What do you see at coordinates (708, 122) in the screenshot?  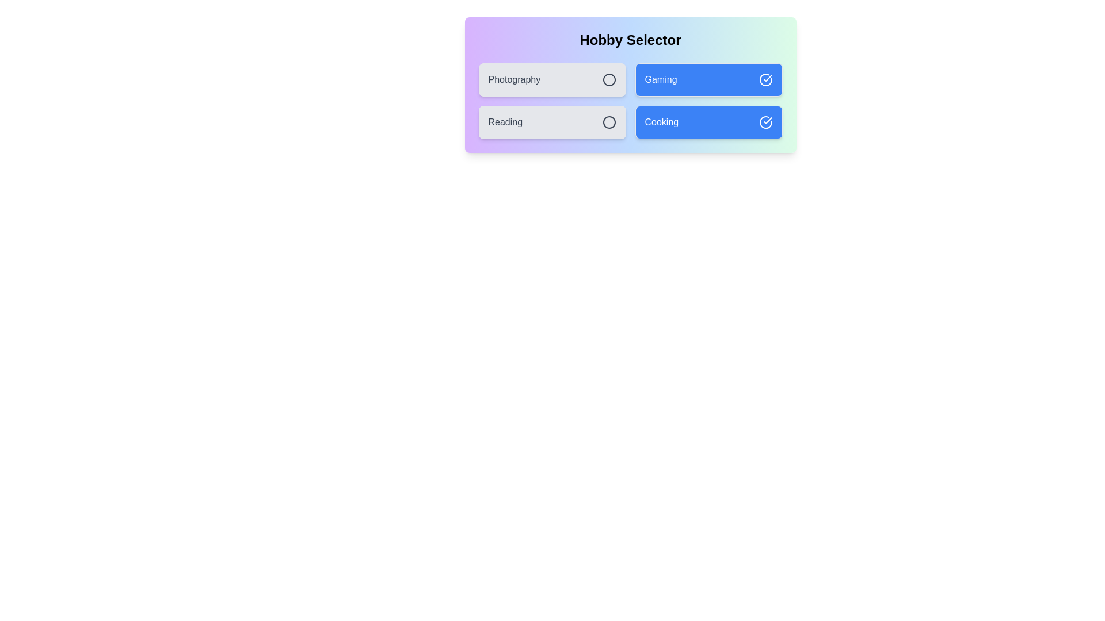 I see `the item labeled Cooking` at bounding box center [708, 122].